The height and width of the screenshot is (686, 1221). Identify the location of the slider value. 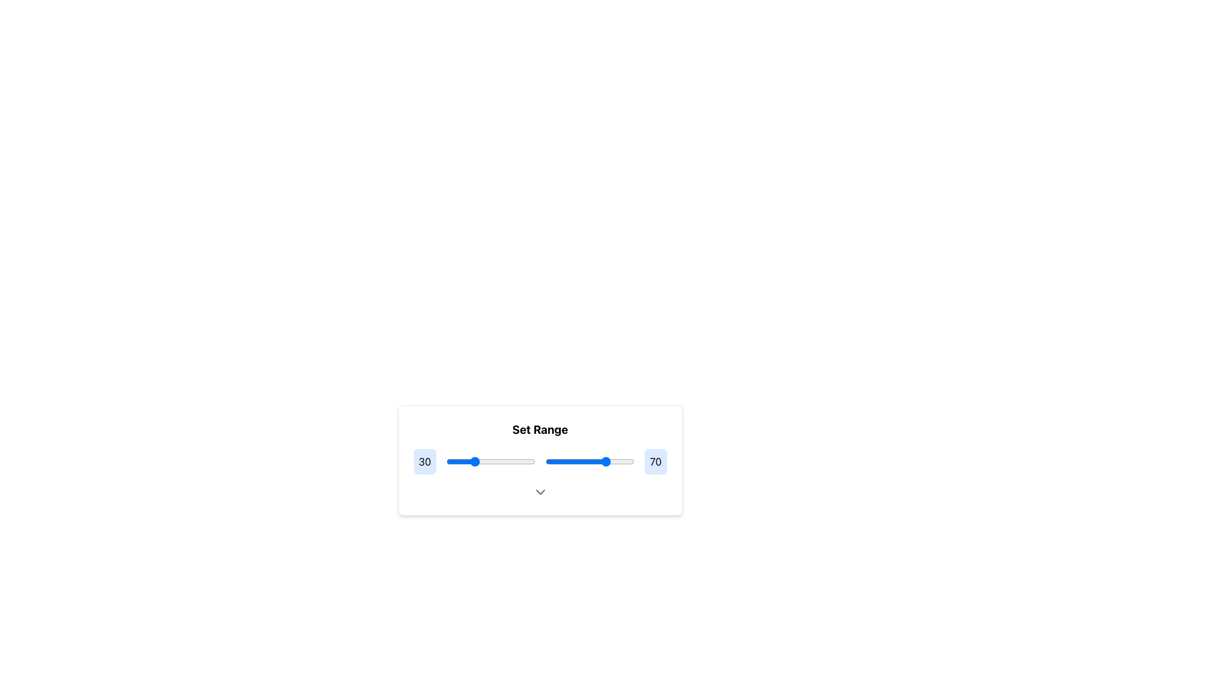
(617, 461).